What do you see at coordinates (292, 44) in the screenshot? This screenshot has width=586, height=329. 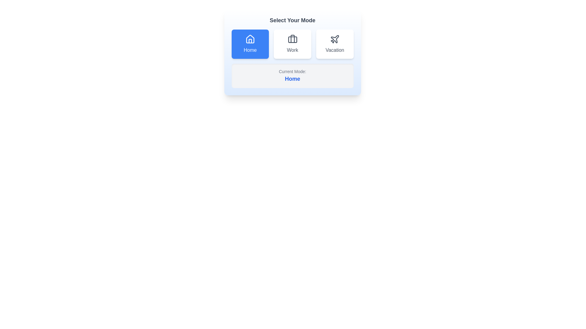 I see `the button corresponding to Work to select it` at bounding box center [292, 44].